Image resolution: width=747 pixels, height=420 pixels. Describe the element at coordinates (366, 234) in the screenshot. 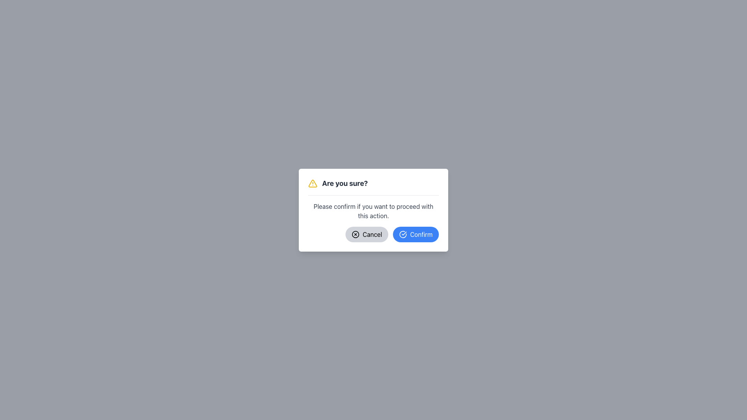

I see `the 'Cancel' button, which is a rounded rectangle with a light gray background and has an 'X' icon on the left, located at the bottom-center of the modal dialog box` at that location.